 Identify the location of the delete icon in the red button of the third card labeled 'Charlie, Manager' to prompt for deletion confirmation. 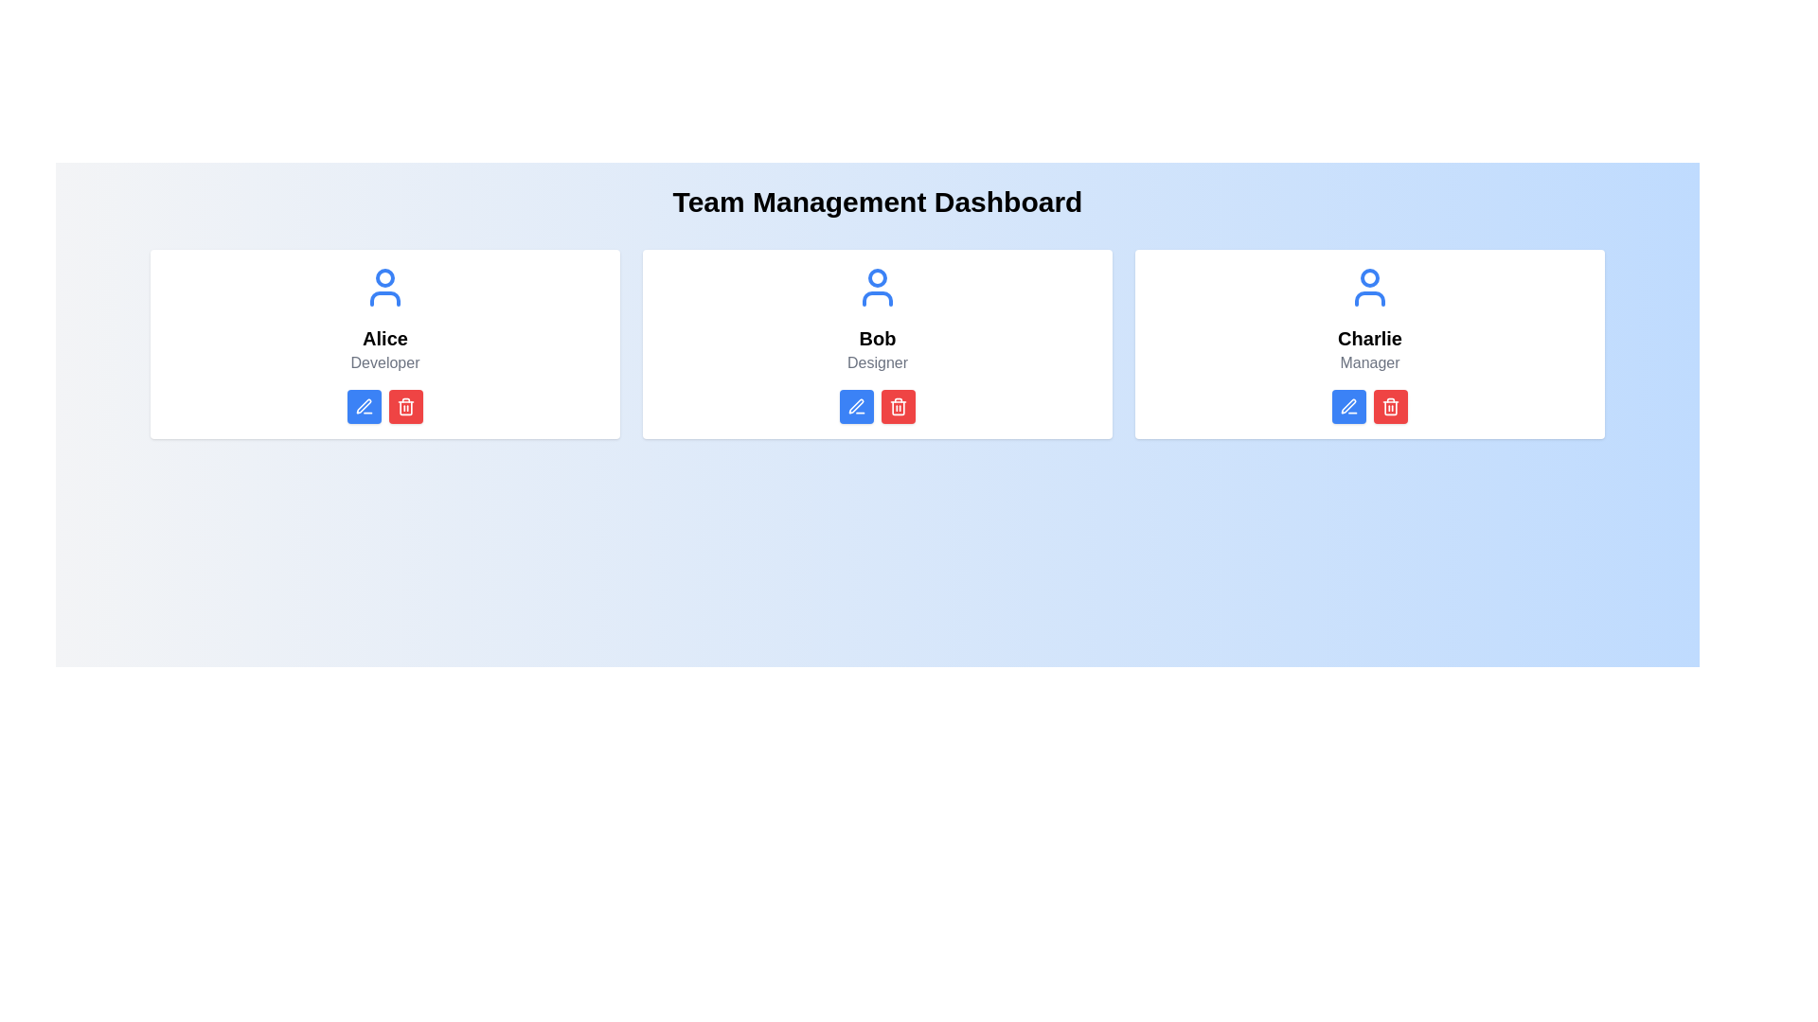
(1390, 405).